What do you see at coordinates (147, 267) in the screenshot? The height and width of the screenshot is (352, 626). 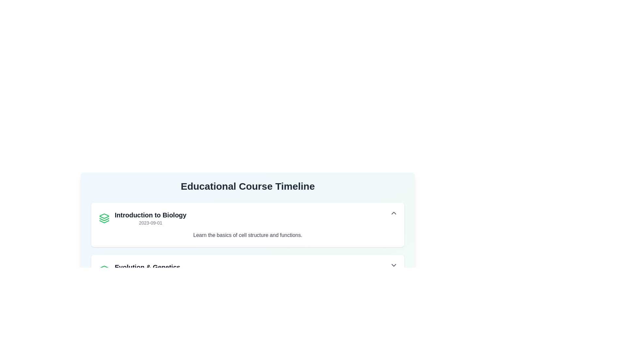 I see `the text element displaying 'Evolution & Genetics' in the second timeline card, which is styled with large, bold gray typography` at bounding box center [147, 267].